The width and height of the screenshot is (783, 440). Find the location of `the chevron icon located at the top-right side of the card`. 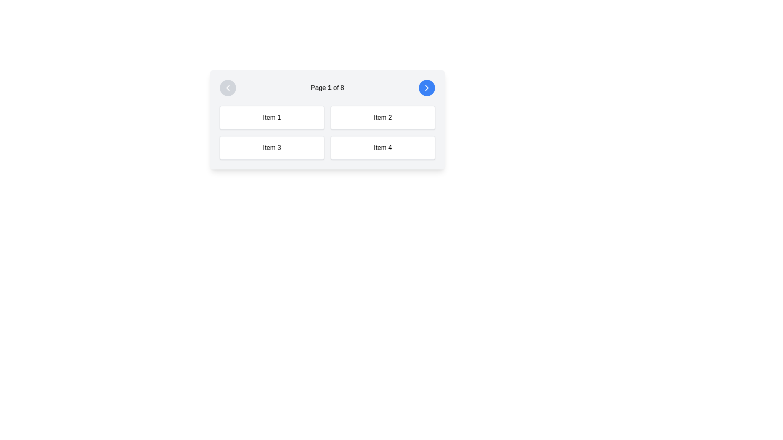

the chevron icon located at the top-right side of the card is located at coordinates (426, 88).